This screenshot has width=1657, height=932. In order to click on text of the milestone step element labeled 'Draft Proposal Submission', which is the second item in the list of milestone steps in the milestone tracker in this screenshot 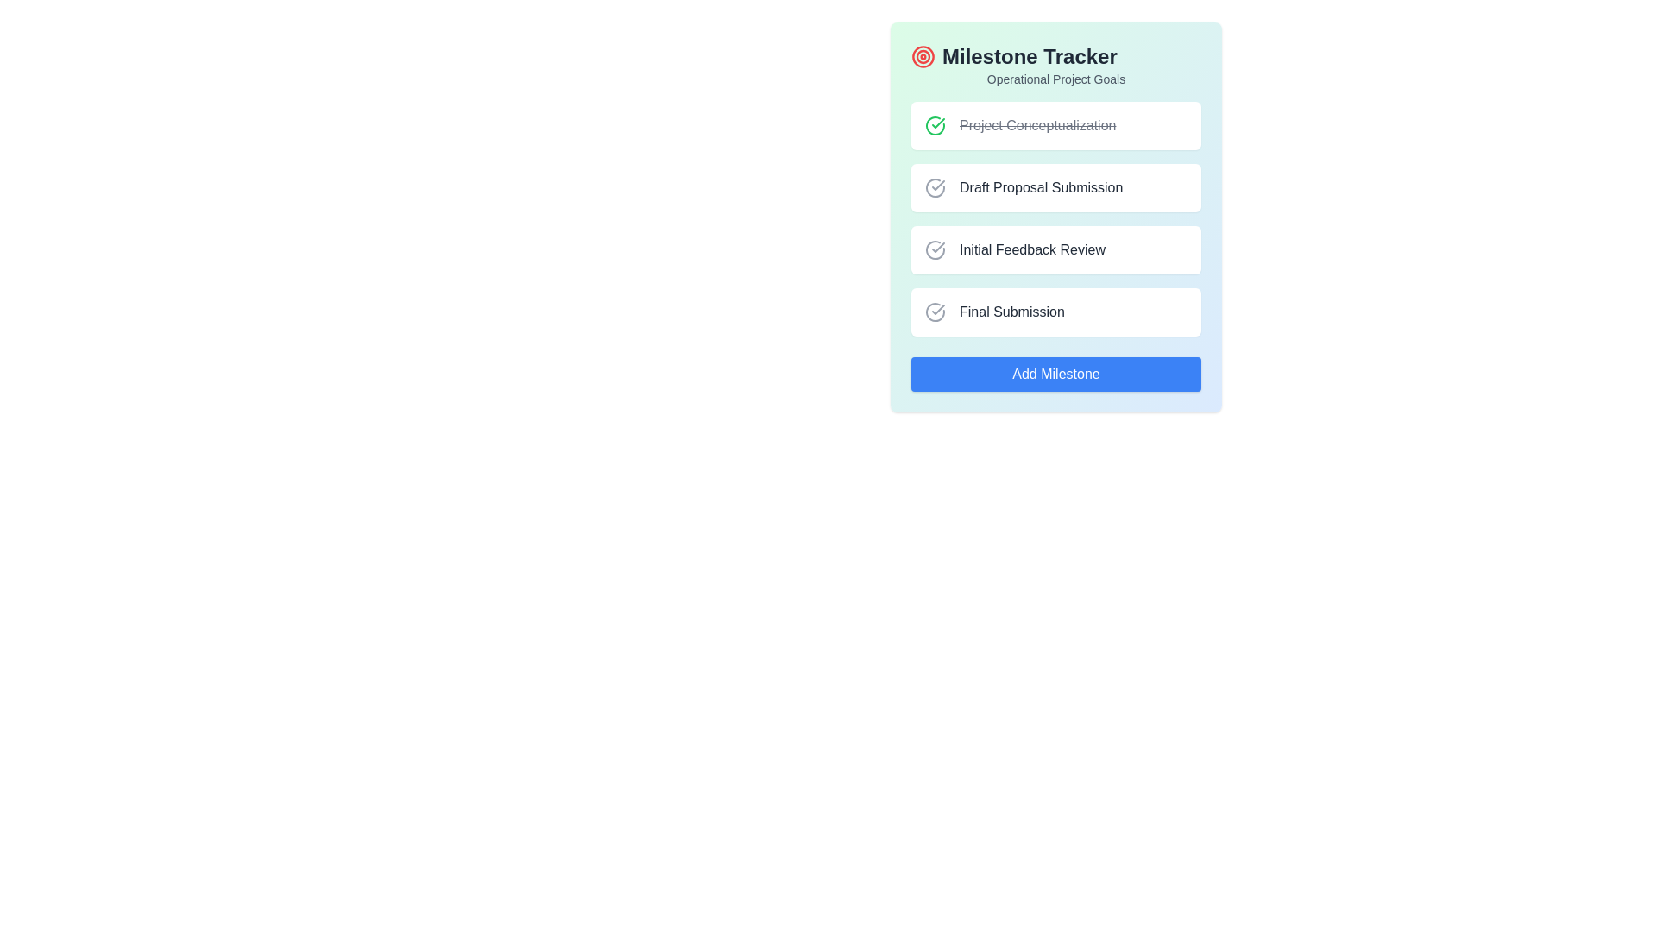, I will do `click(1055, 188)`.